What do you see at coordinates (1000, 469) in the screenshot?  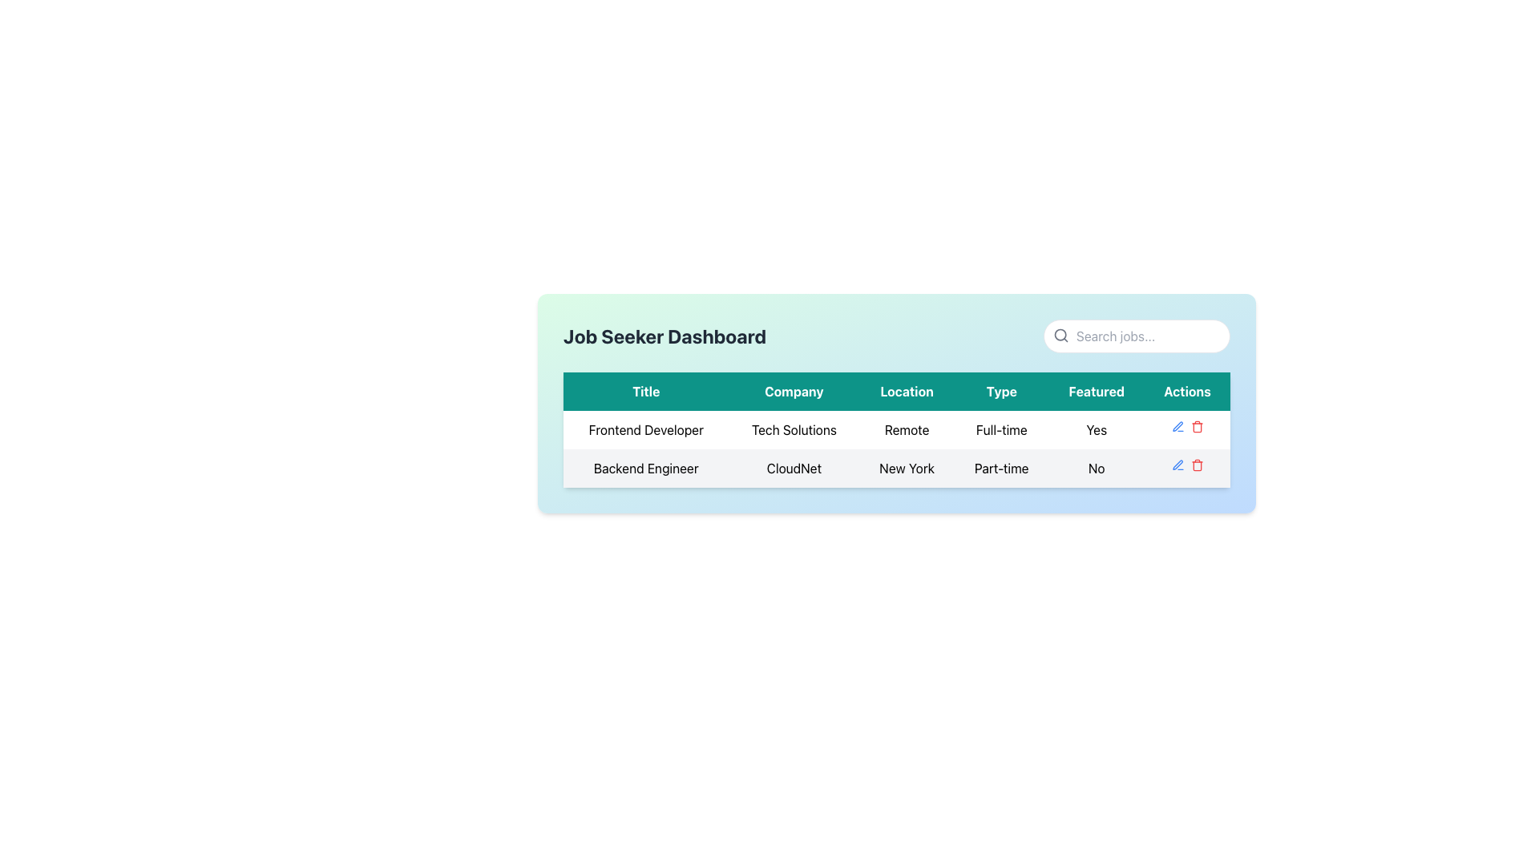 I see `the text label 'Part-time' in the 'Type' column of the data table for the Backend Engineer job listing at CloudNet in New York` at bounding box center [1000, 469].